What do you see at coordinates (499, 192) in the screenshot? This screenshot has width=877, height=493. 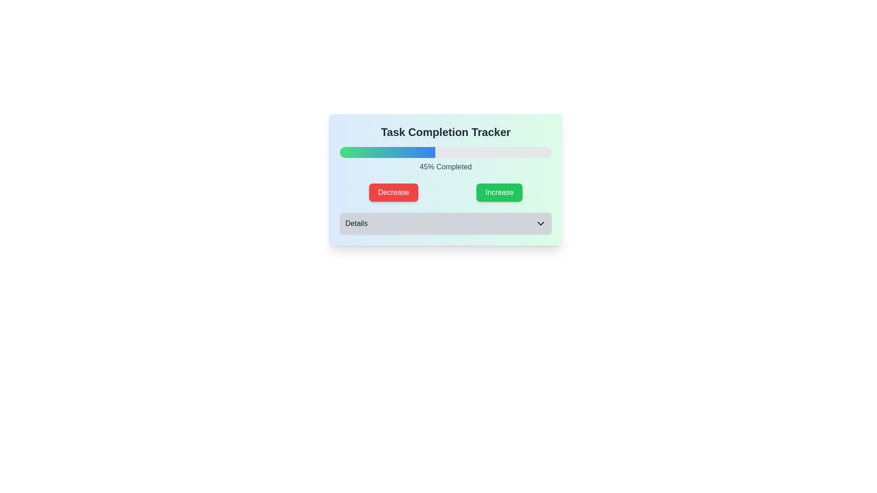 I see `the second button in the horizontal pair, located to the right of the 'Decrease' button` at bounding box center [499, 192].